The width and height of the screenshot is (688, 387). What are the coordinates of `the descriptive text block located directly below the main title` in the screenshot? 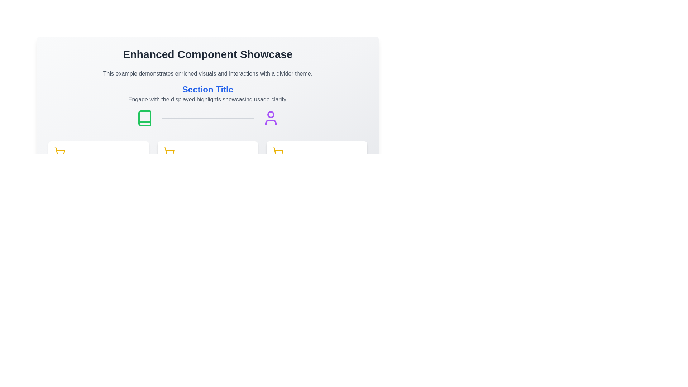 It's located at (207, 73).